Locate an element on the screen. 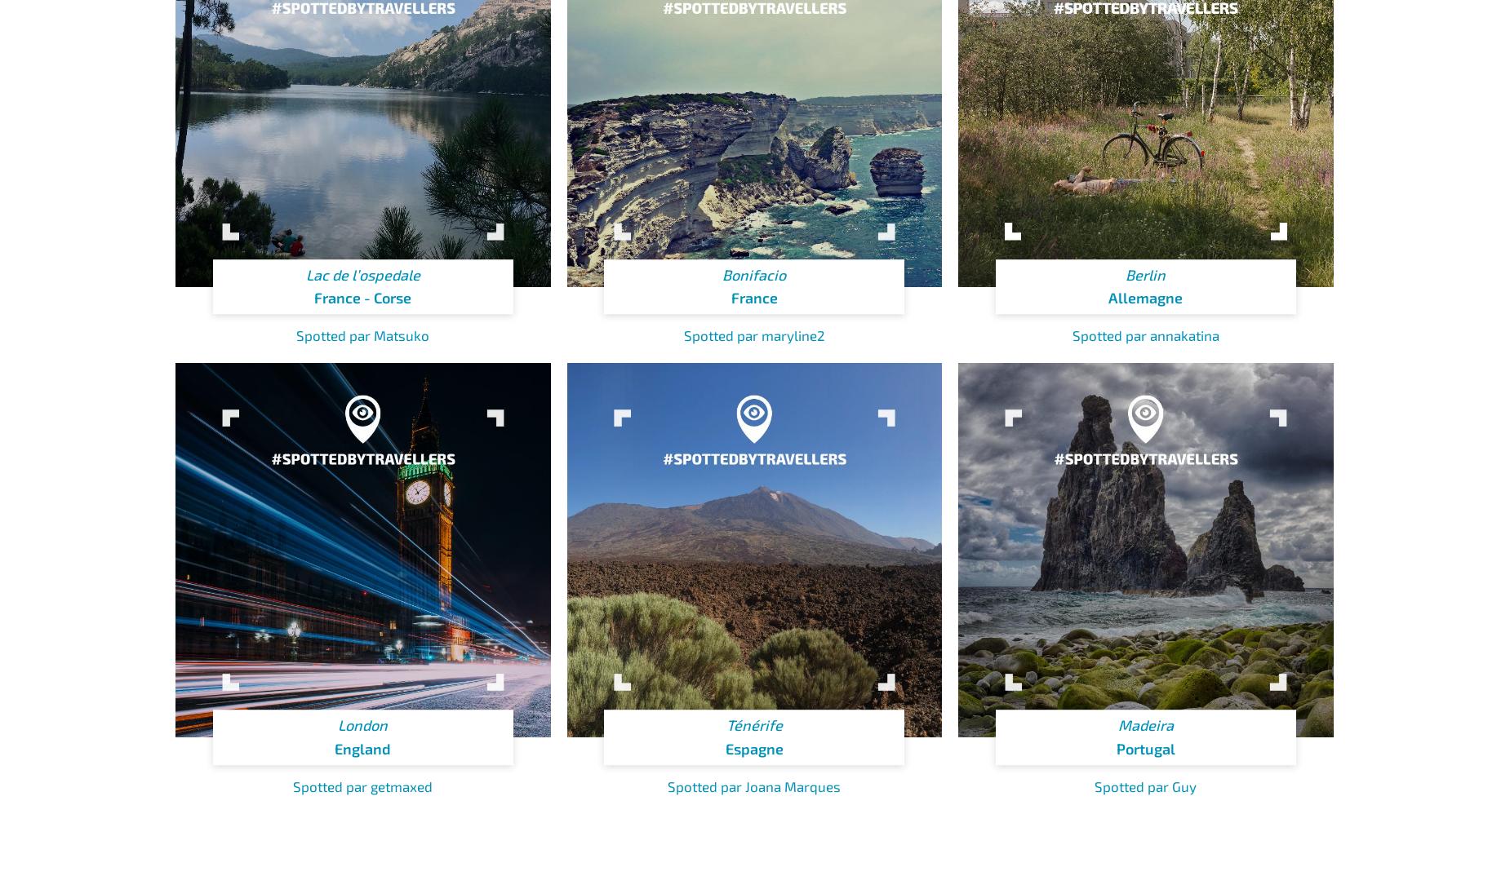  'France - Corse' is located at coordinates (362, 297).